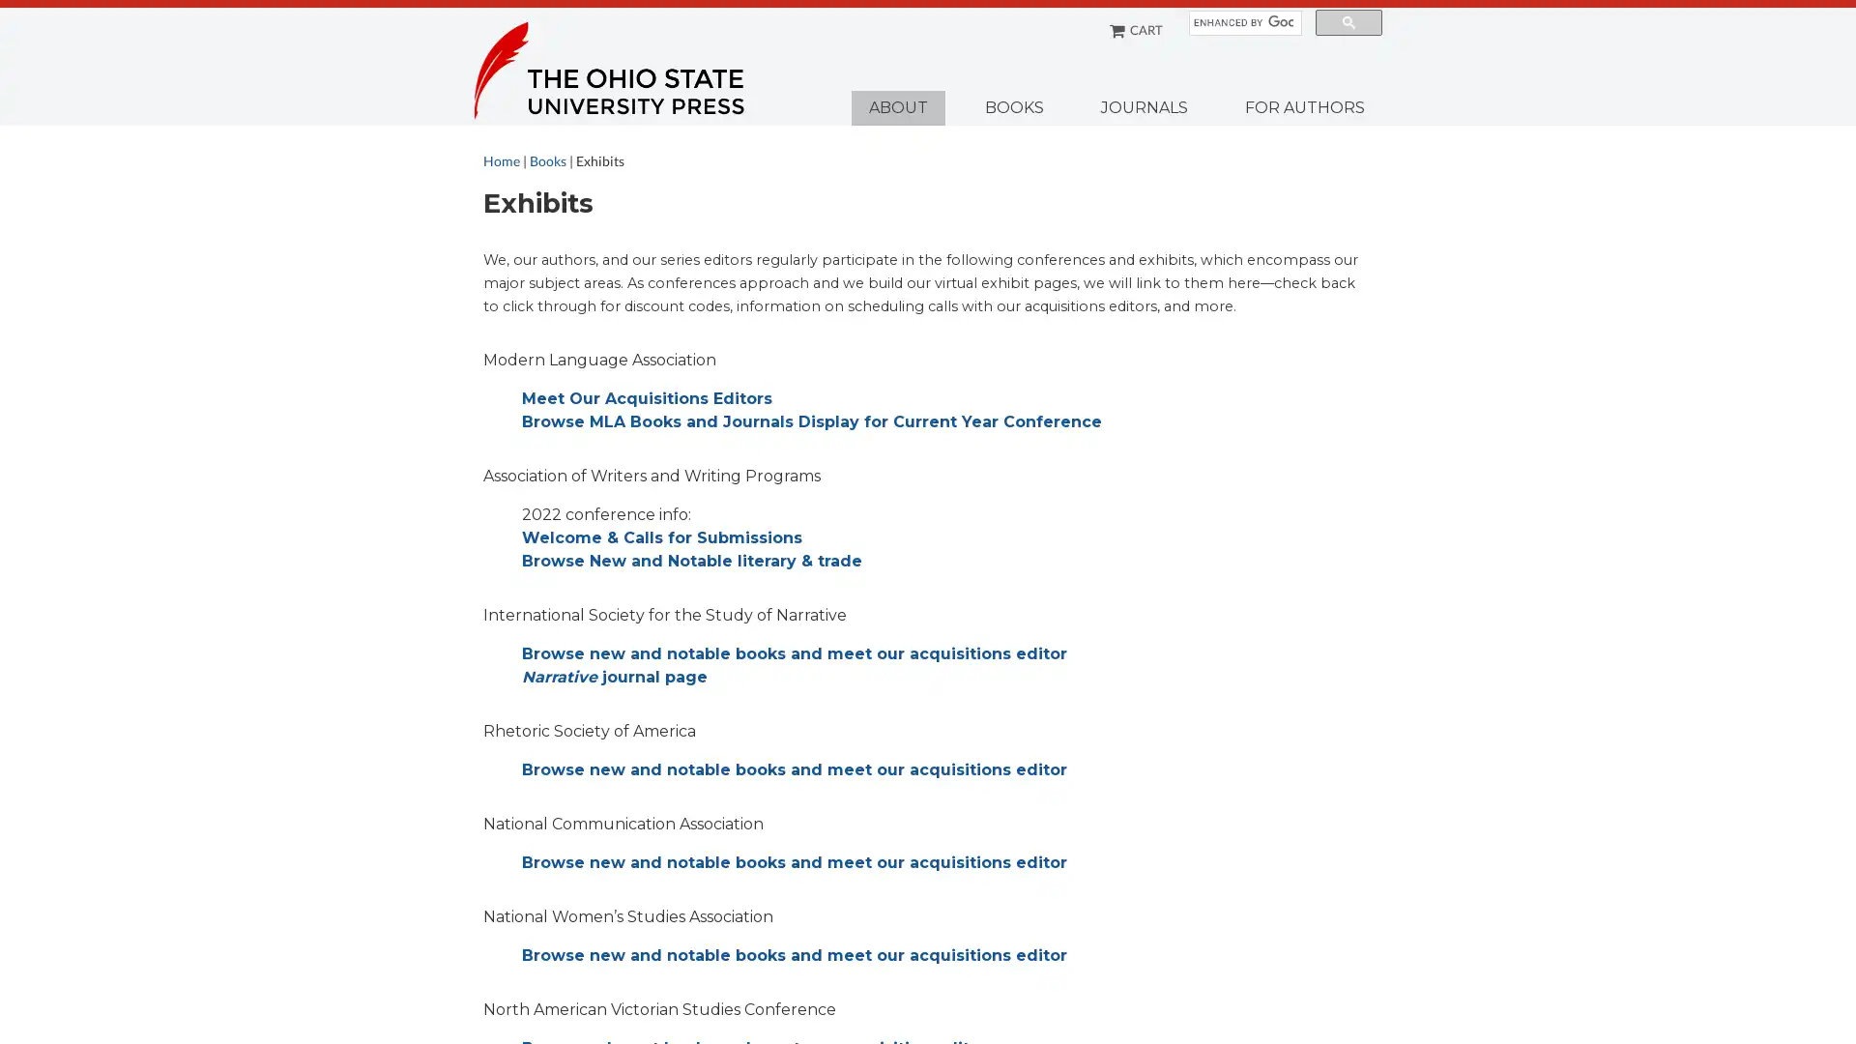  Describe the element at coordinates (1348, 22) in the screenshot. I see `search` at that location.